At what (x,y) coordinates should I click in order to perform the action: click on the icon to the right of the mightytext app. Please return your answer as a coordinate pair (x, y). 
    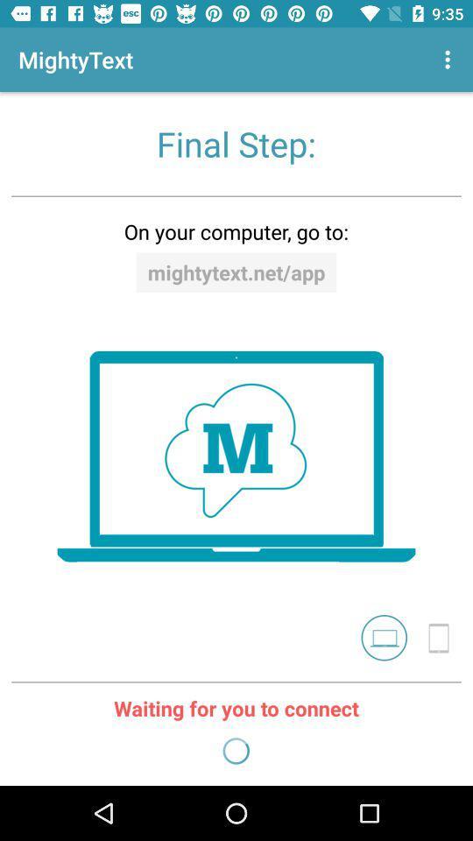
    Looking at the image, I should click on (449, 60).